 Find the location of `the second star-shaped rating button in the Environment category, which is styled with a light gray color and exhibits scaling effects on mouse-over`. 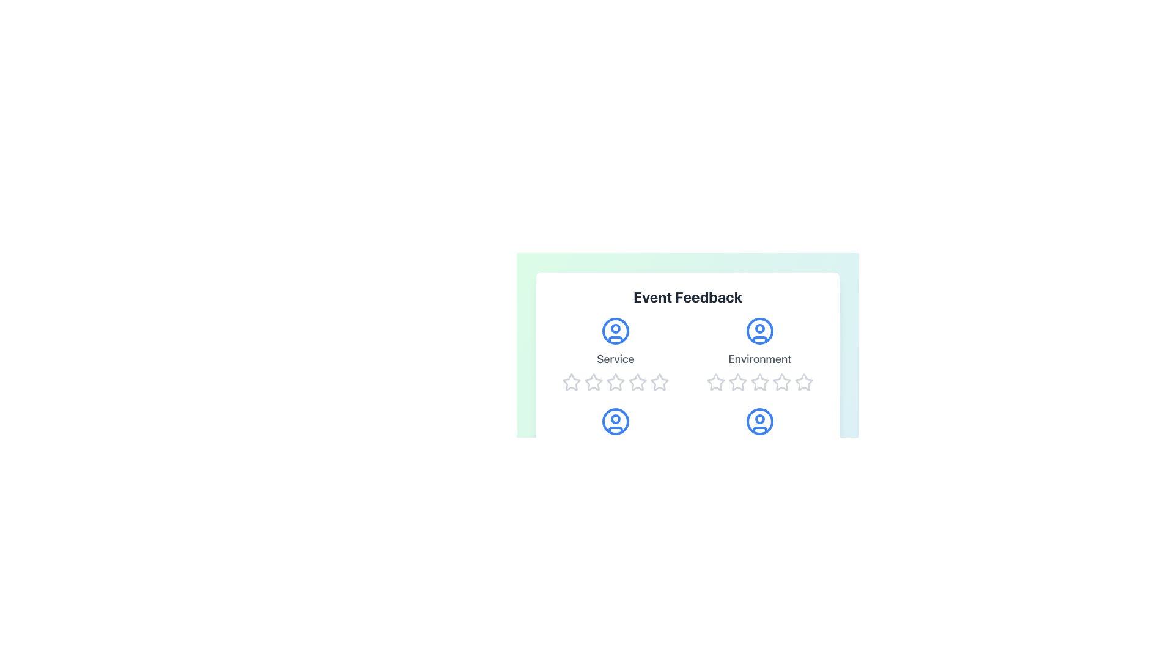

the second star-shaped rating button in the Environment category, which is styled with a light gray color and exhibits scaling effects on mouse-over is located at coordinates (716, 381).